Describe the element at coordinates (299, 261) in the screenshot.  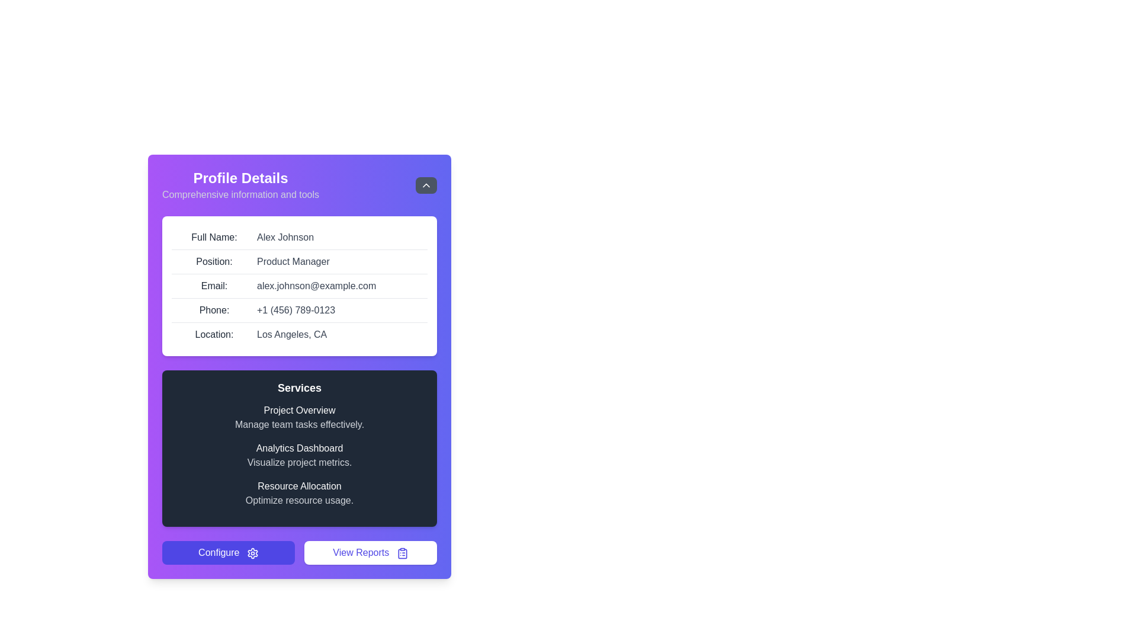
I see `the static text display showing the job title 'Product Manager', located below the 'Full Name: Alex Johnson' and above 'Email: alex.johnson@example.com'` at that location.